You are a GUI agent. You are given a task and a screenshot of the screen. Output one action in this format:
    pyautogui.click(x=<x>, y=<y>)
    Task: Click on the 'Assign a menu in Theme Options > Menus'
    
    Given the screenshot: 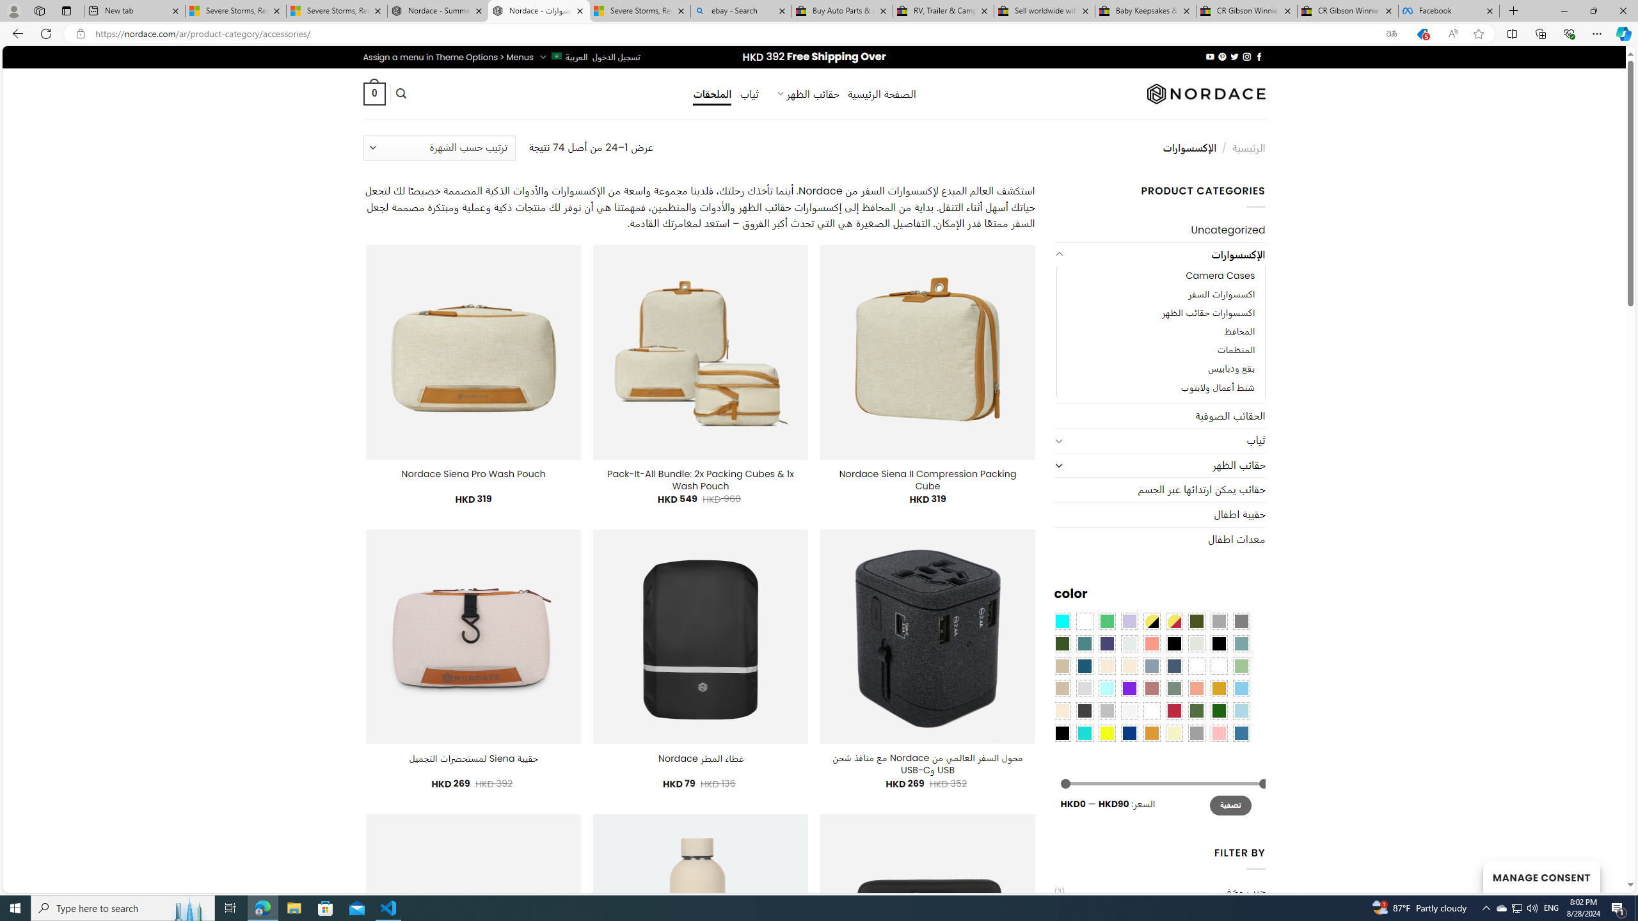 What is the action you would take?
    pyautogui.click(x=448, y=56)
    